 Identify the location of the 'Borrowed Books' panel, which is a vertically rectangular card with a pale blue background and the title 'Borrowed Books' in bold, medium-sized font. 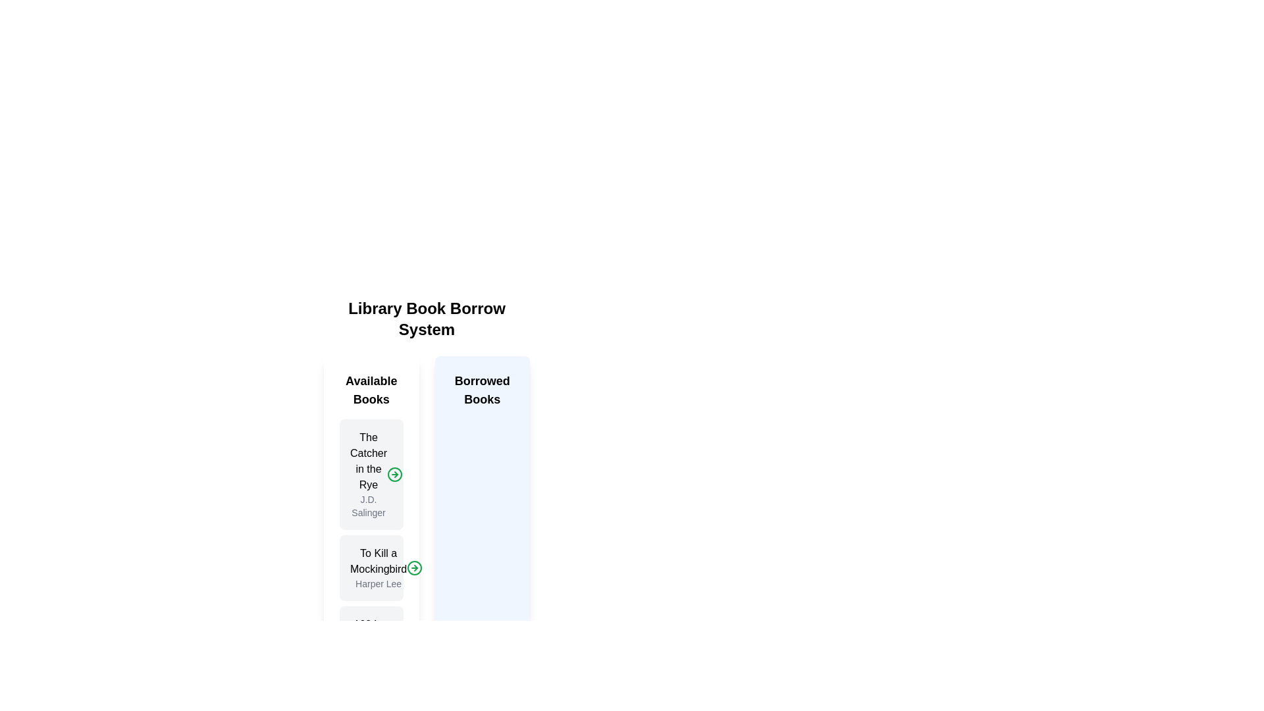
(481, 522).